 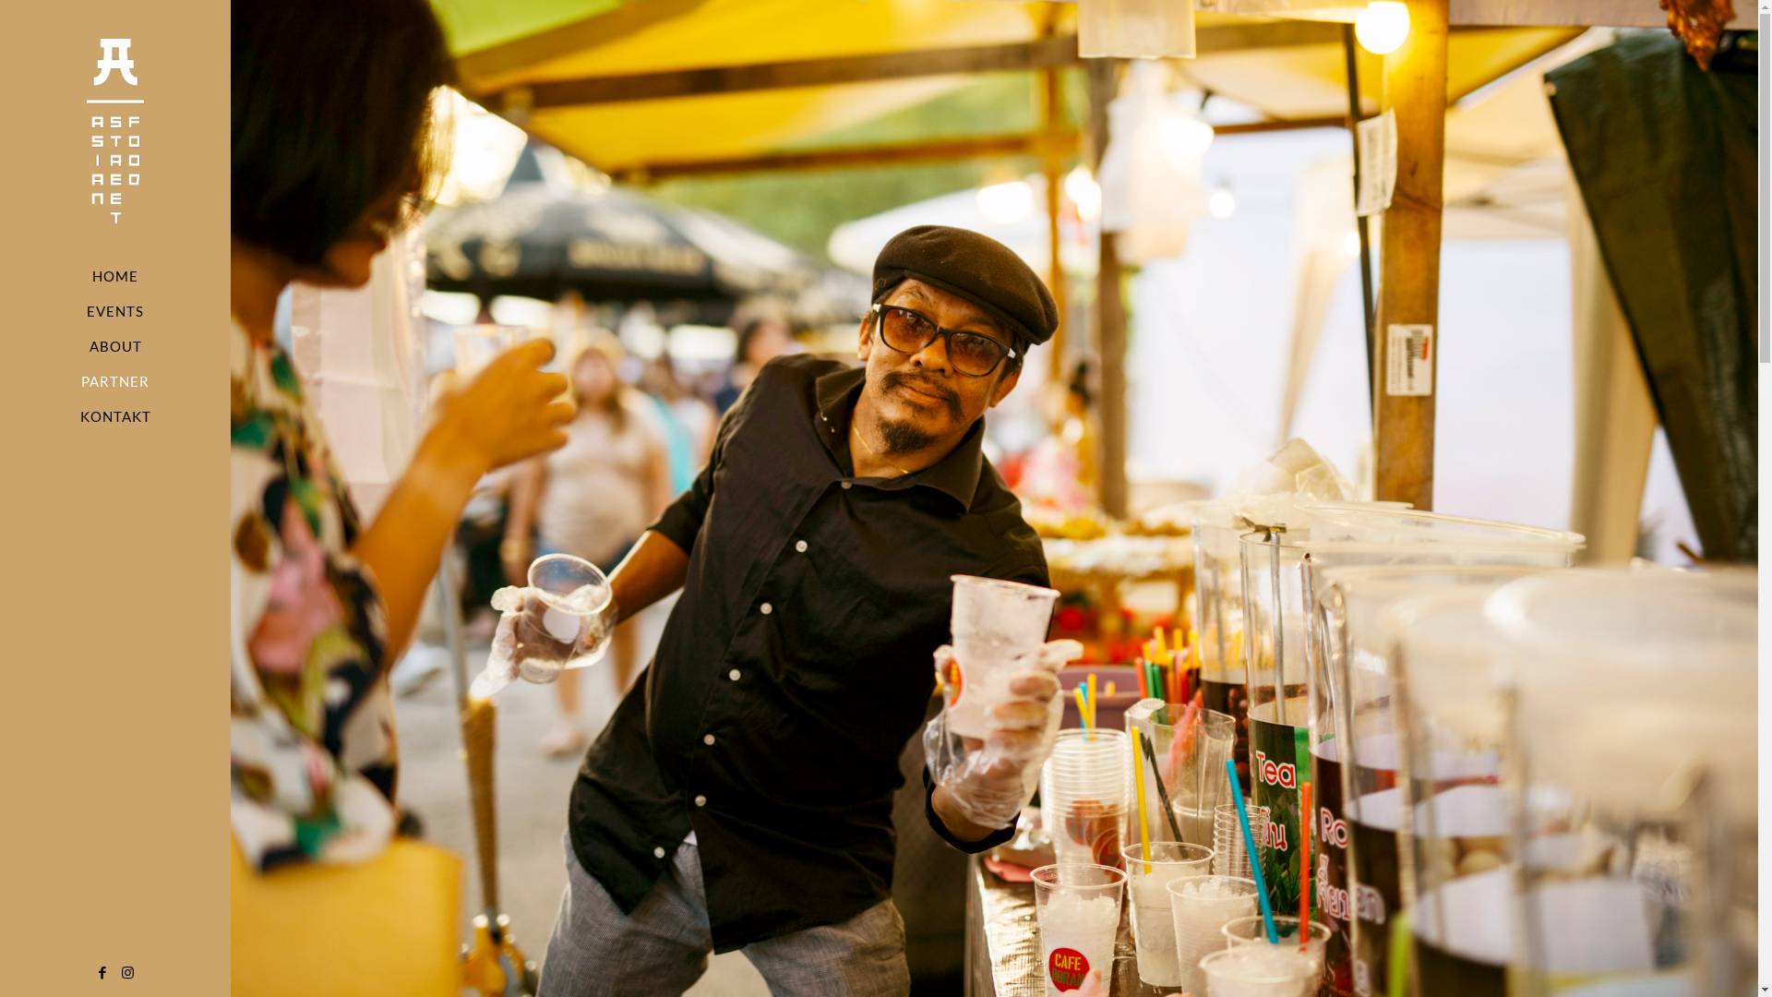 I want to click on 'ABOUT', so click(x=0, y=345).